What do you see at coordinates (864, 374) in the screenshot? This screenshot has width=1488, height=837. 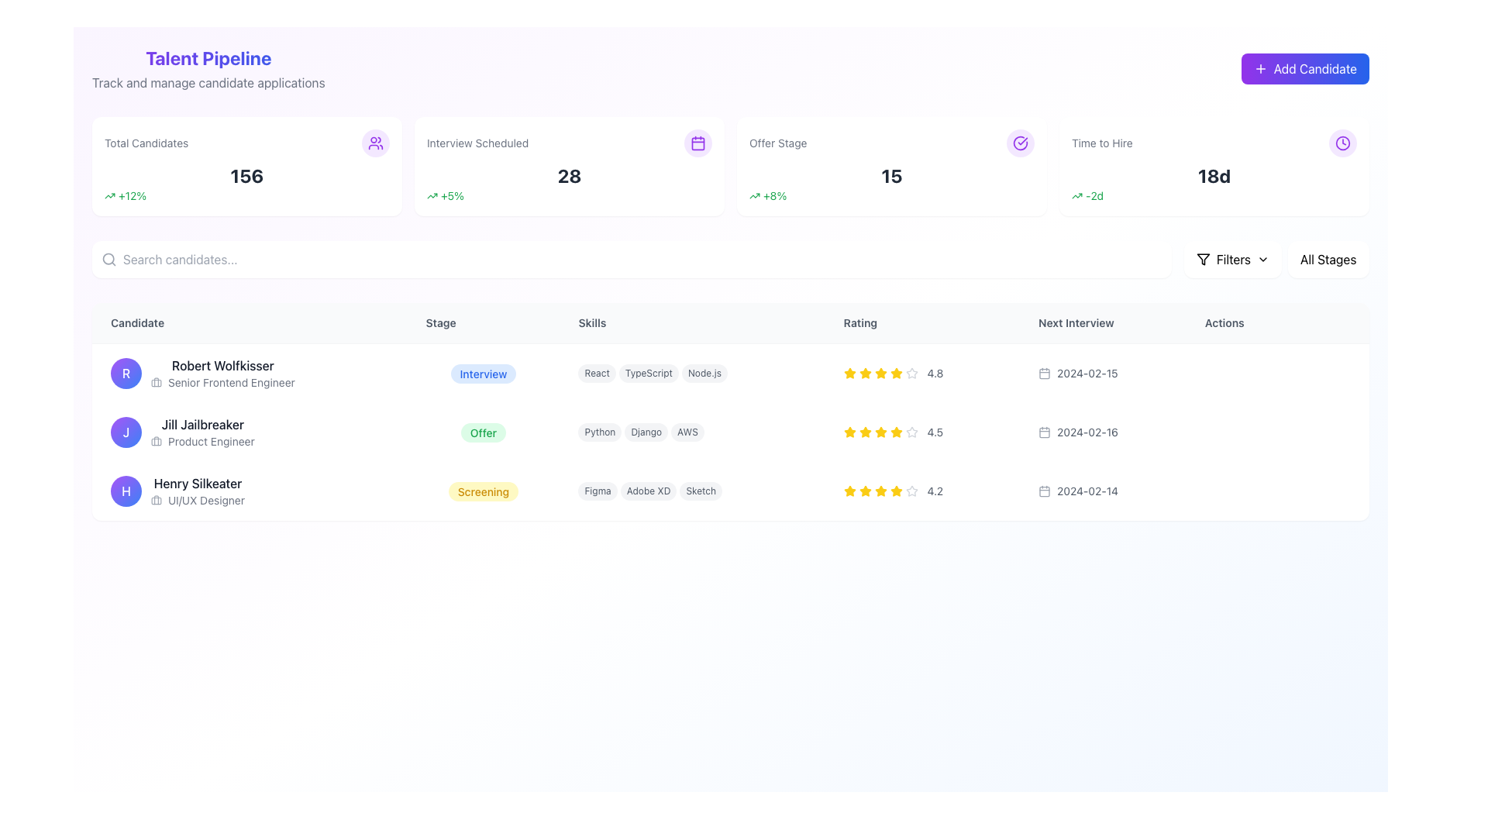 I see `the third star icon in the 'Rating' column of the first row for the candidate 'Robert Wolfkisser' to focus it` at bounding box center [864, 374].